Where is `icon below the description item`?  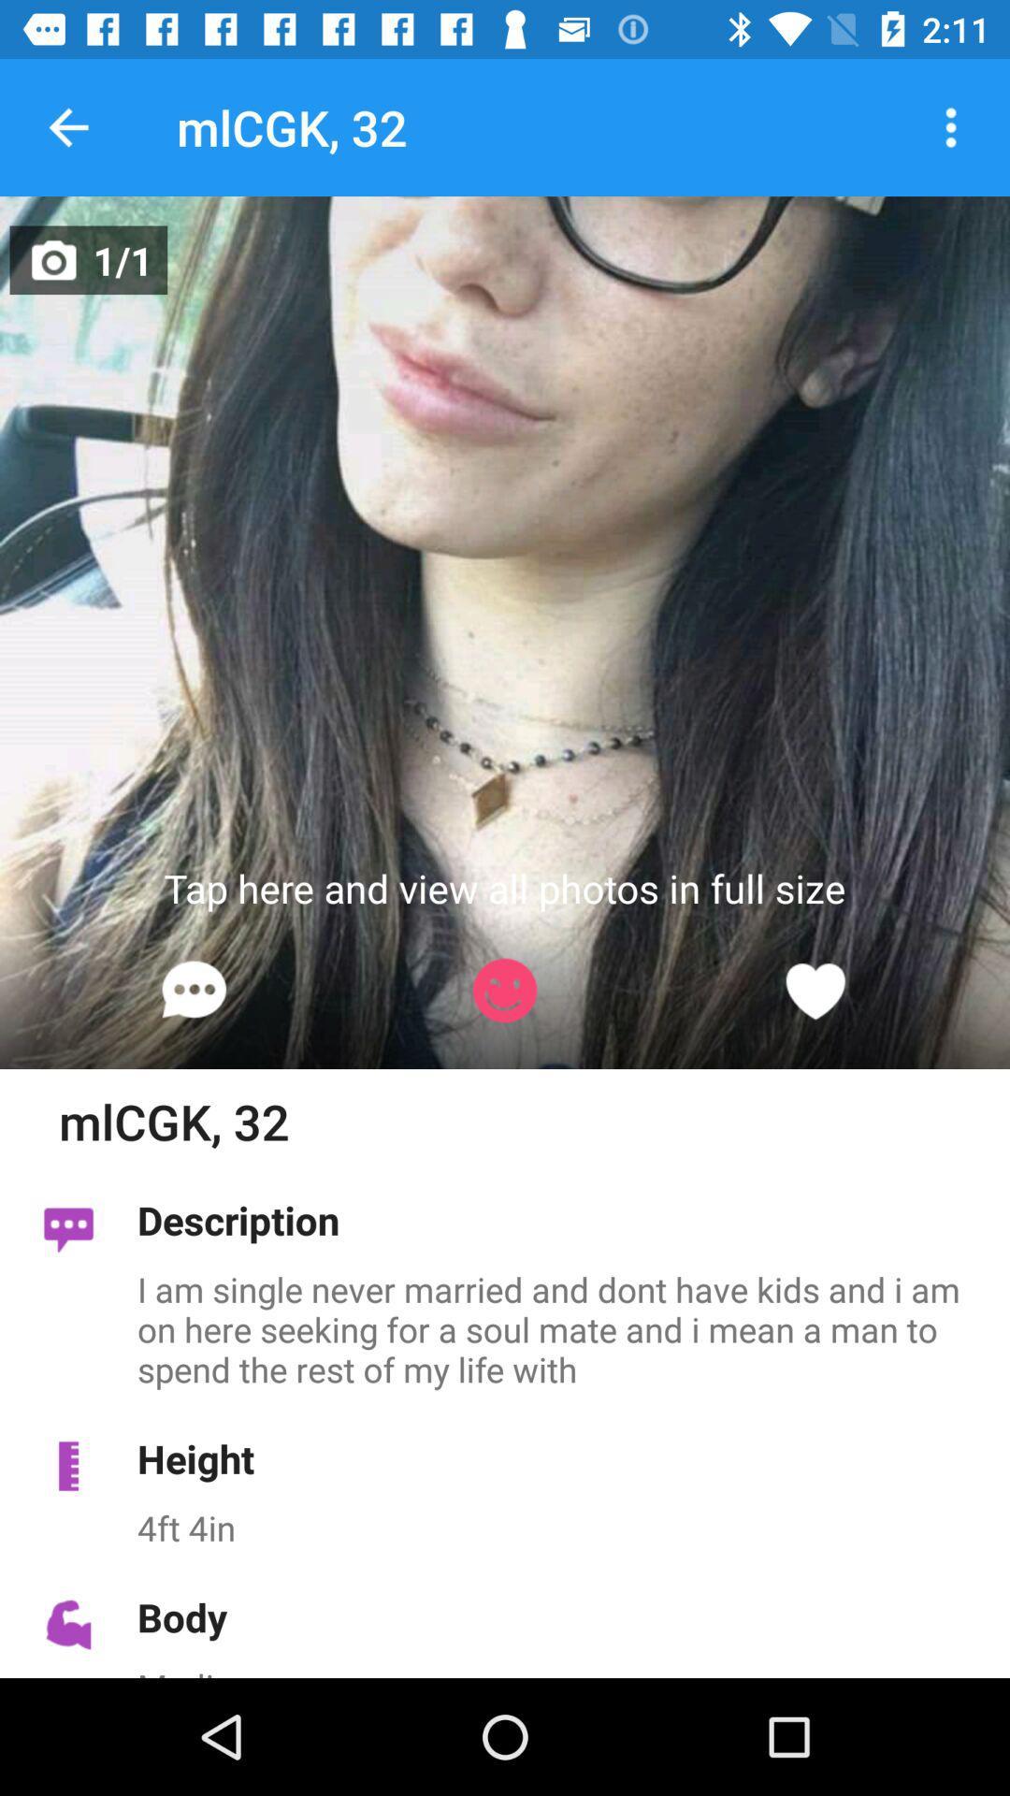 icon below the description item is located at coordinates (562, 1328).